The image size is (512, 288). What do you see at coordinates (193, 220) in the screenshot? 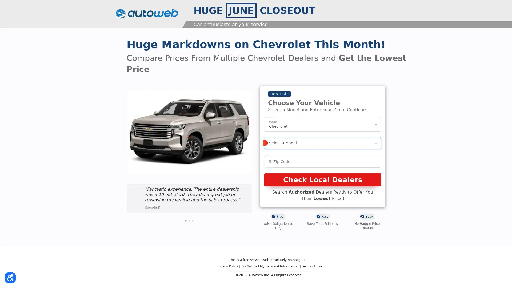
I see `Carousel Page 3` at bounding box center [193, 220].